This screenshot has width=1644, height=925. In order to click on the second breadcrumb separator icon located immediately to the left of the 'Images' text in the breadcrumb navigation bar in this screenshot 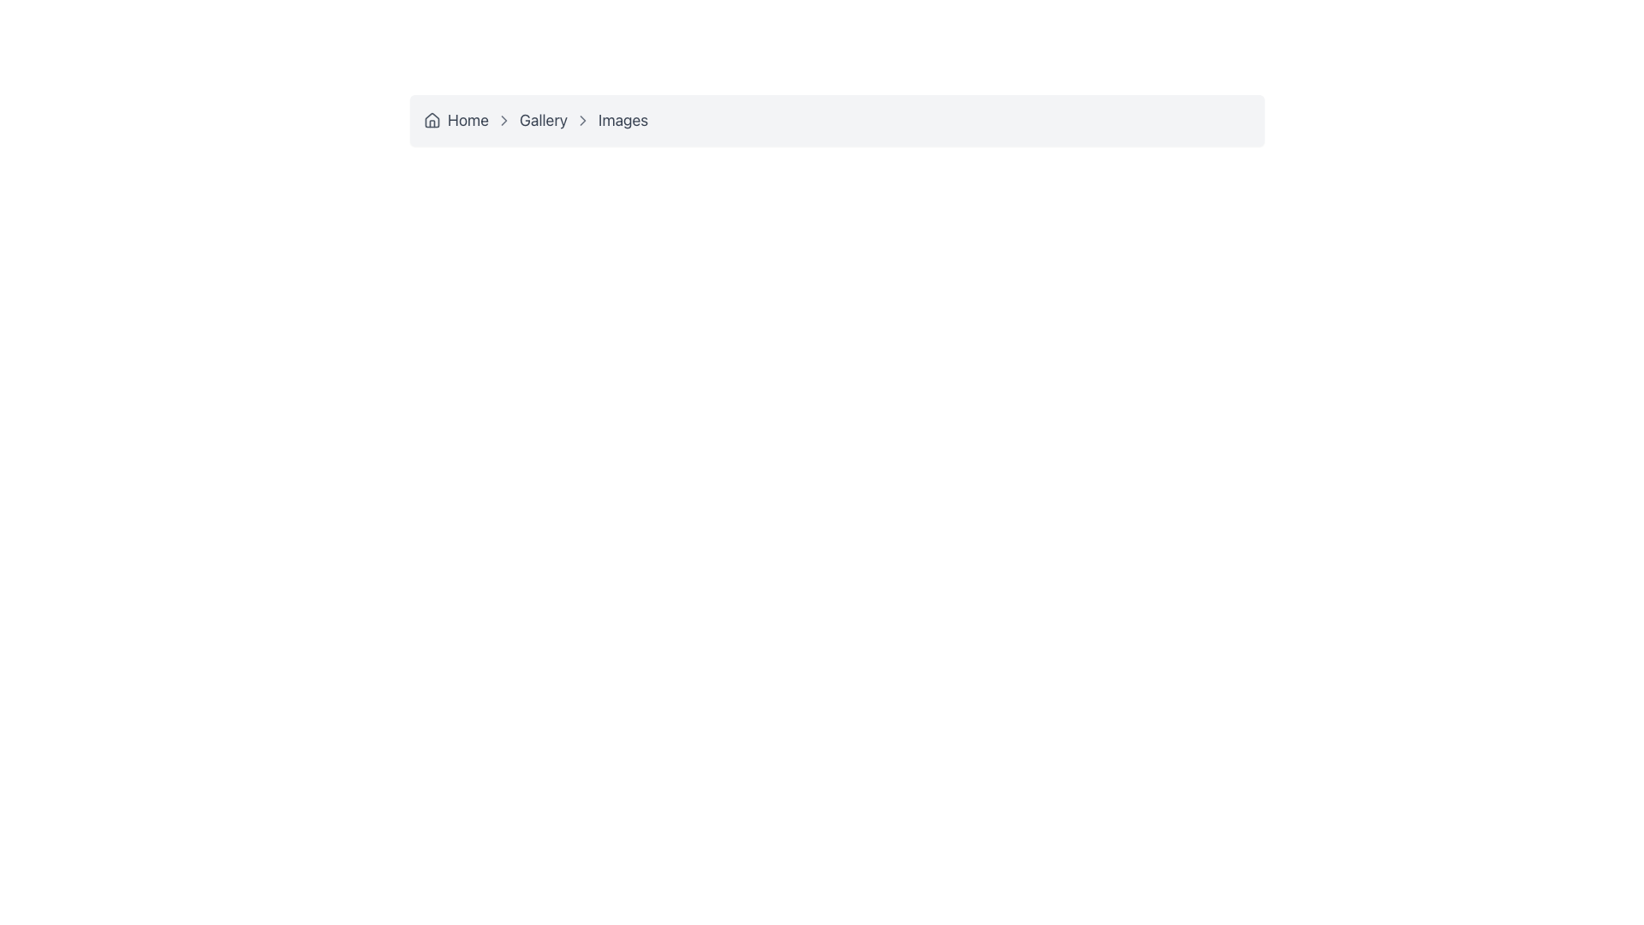, I will do `click(583, 120)`.